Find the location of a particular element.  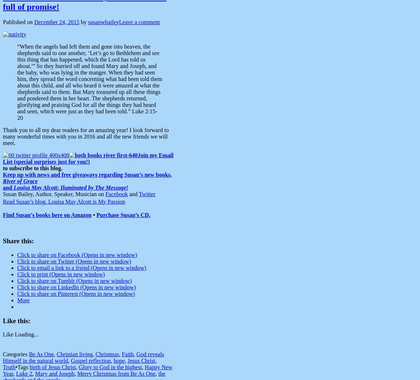

'Mary and Joseph' is located at coordinates (54, 373).